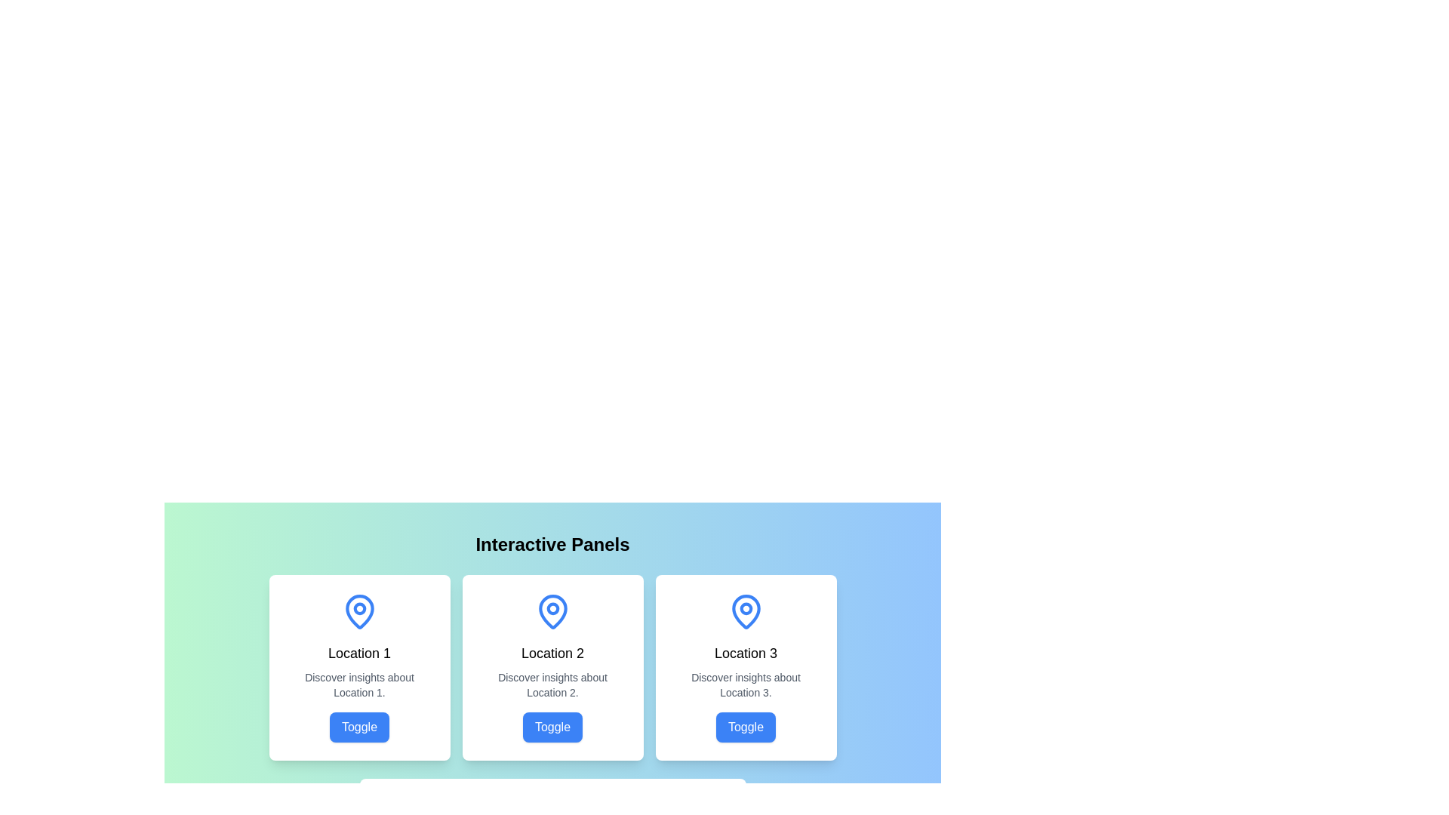  What do you see at coordinates (358, 684) in the screenshot?
I see `the static text label that reads 'Discover insights about Location 1.' located centrally under the heading 'Location 1' and above the blue button labeled 'Toggle'` at bounding box center [358, 684].